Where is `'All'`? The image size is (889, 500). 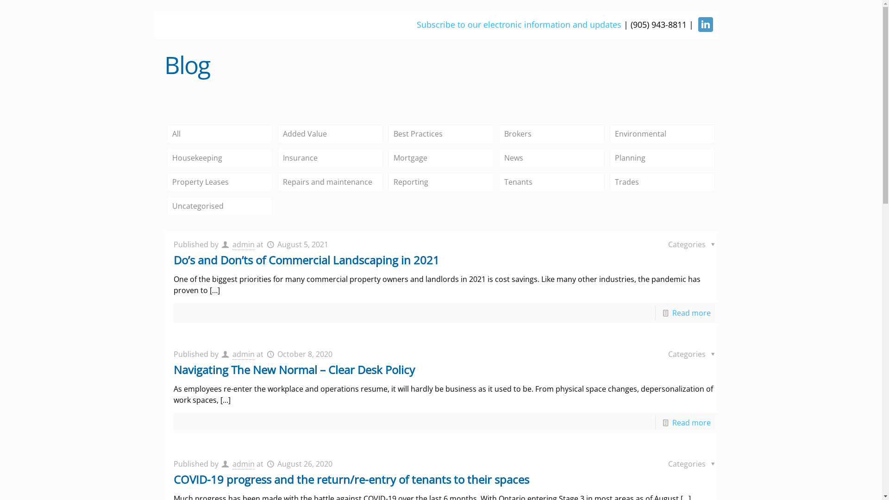
'All' is located at coordinates (167, 134).